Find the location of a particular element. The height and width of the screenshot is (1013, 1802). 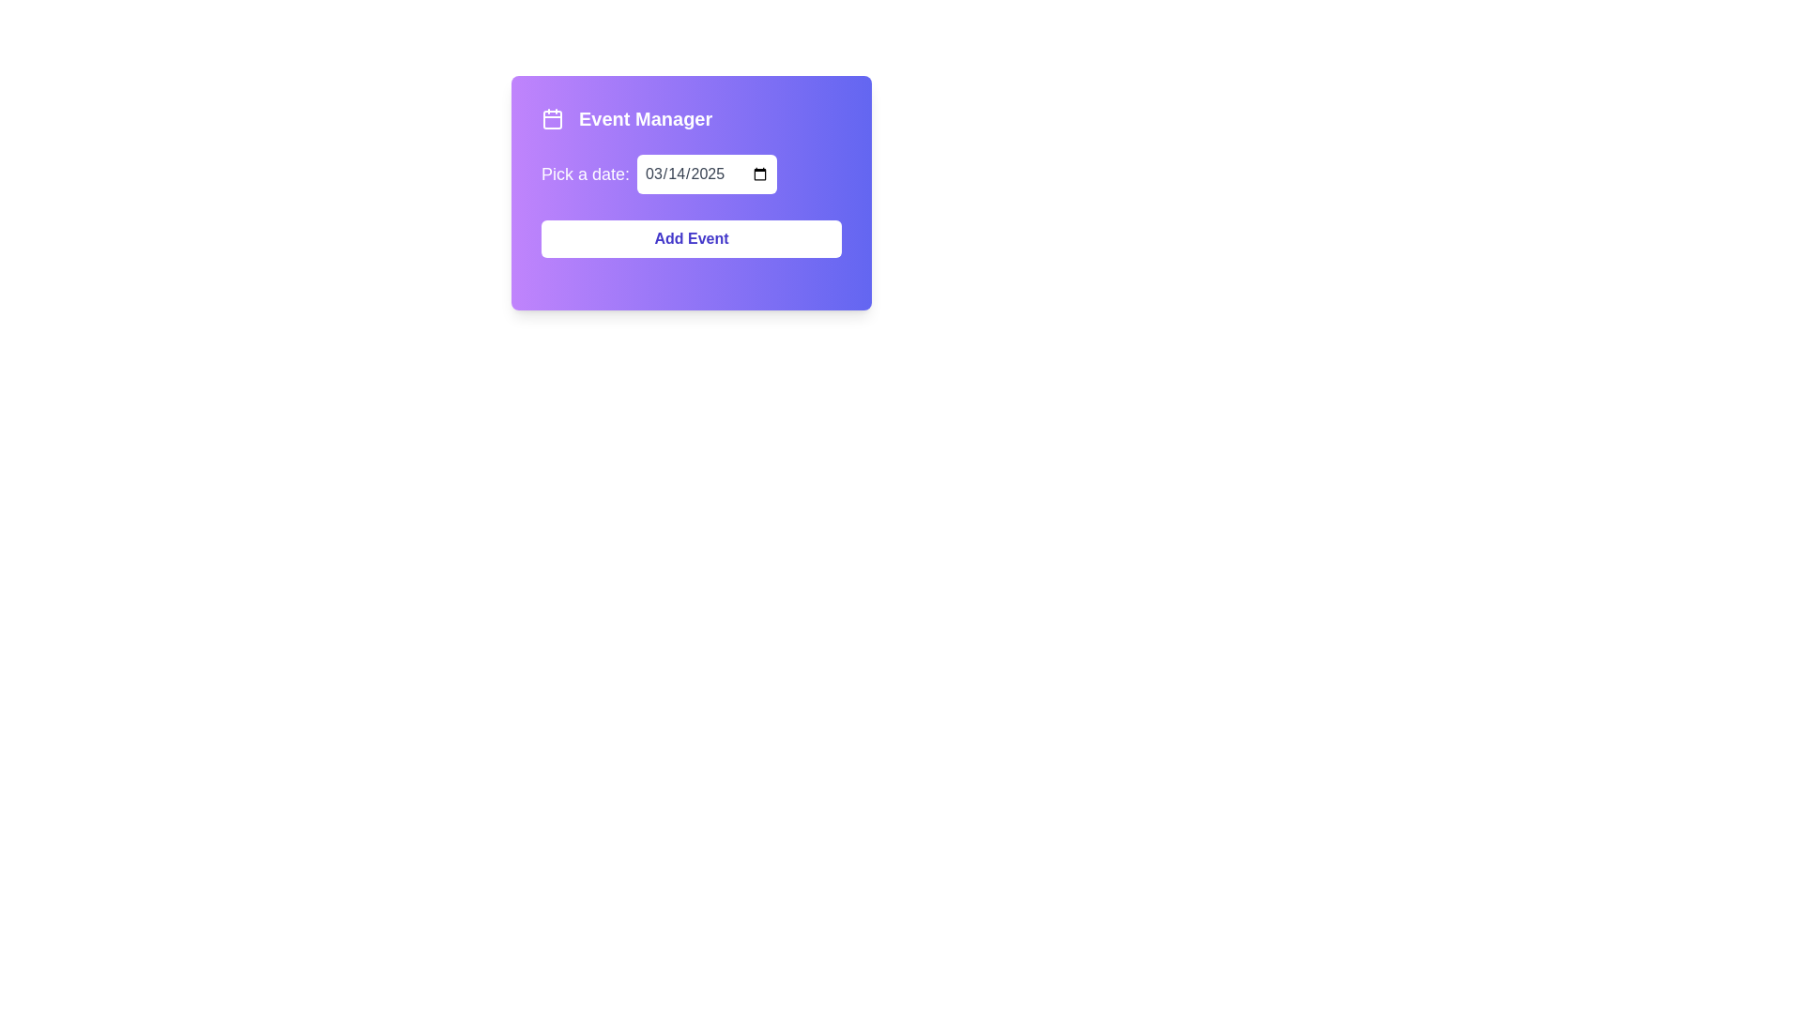

the small rectangular icon with rounded corners located within the calendar symbol in the 'Event Manager' dialog box, positioned to the left of the title text is located at coordinates (552, 119).